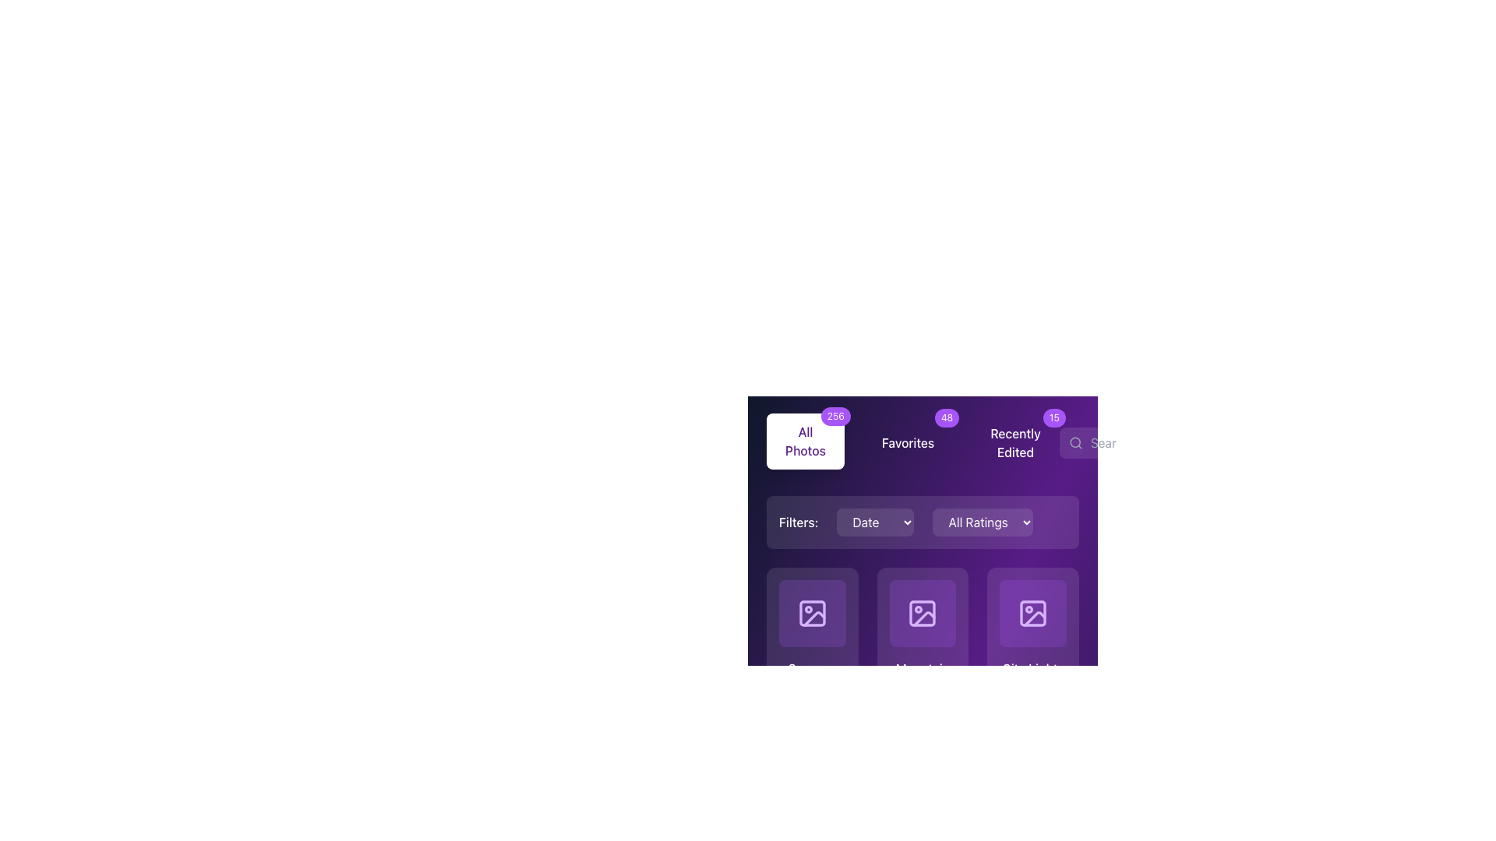 This screenshot has height=841, width=1496. Describe the element at coordinates (1074, 442) in the screenshot. I see `the small circular decorative element inside the magnifying glass icon located in the top navigation section of the interface` at that location.